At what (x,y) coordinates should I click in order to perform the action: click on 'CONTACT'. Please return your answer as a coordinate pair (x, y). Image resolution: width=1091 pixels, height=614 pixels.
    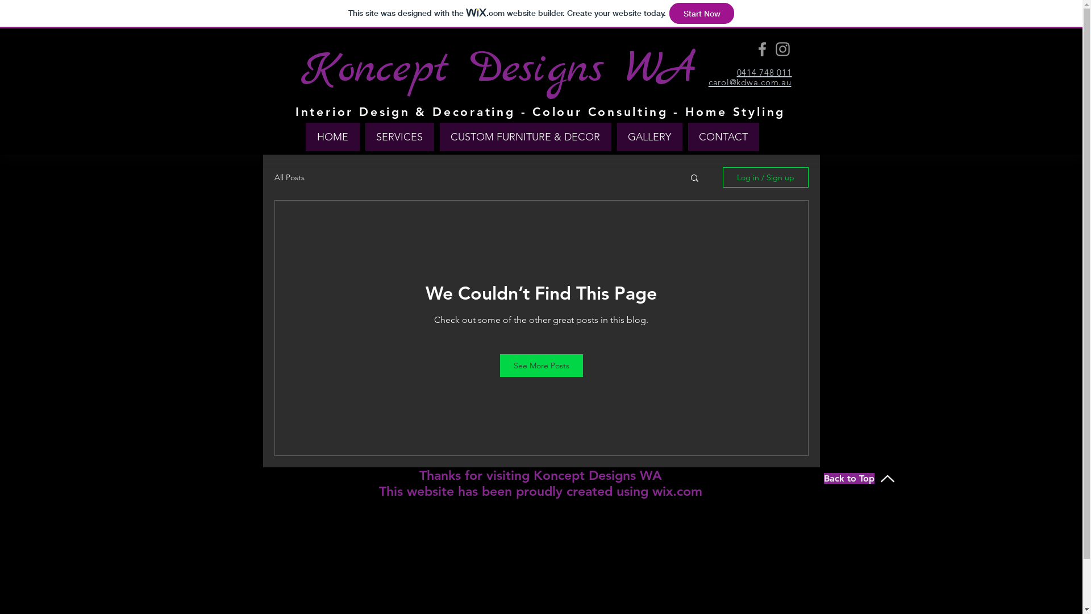
    Looking at the image, I should click on (722, 136).